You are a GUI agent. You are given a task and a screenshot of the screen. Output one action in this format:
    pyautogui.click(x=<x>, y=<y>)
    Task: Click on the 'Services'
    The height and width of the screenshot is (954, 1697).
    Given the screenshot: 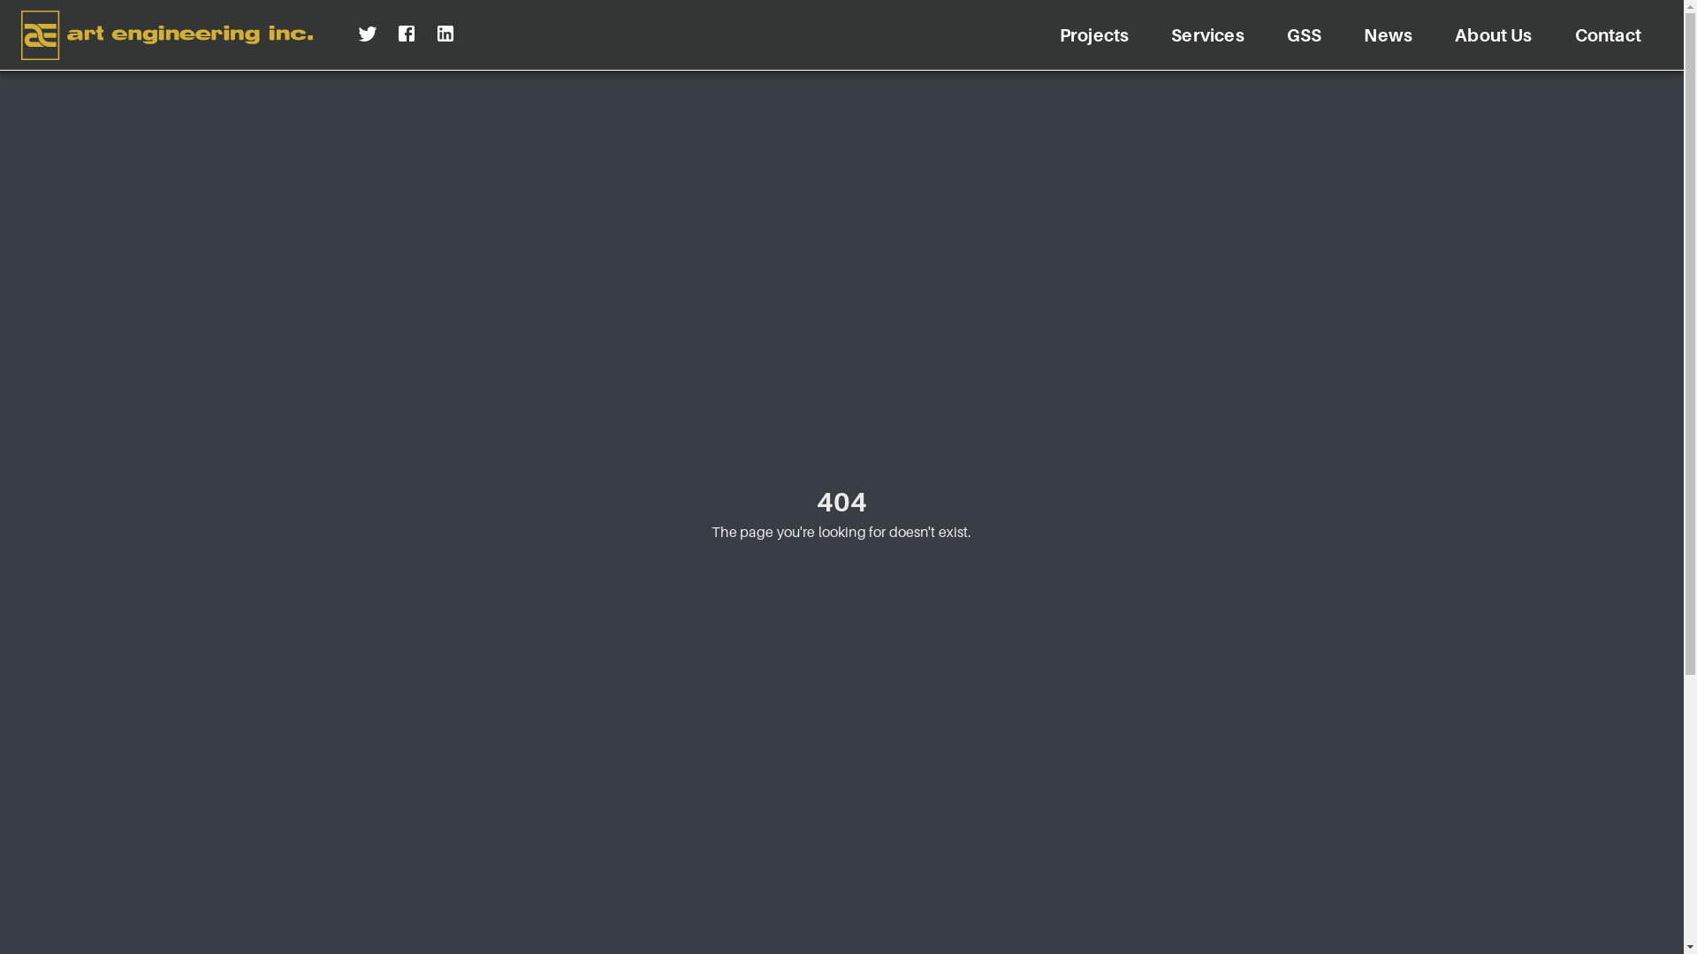 What is the action you would take?
    pyautogui.click(x=1206, y=34)
    